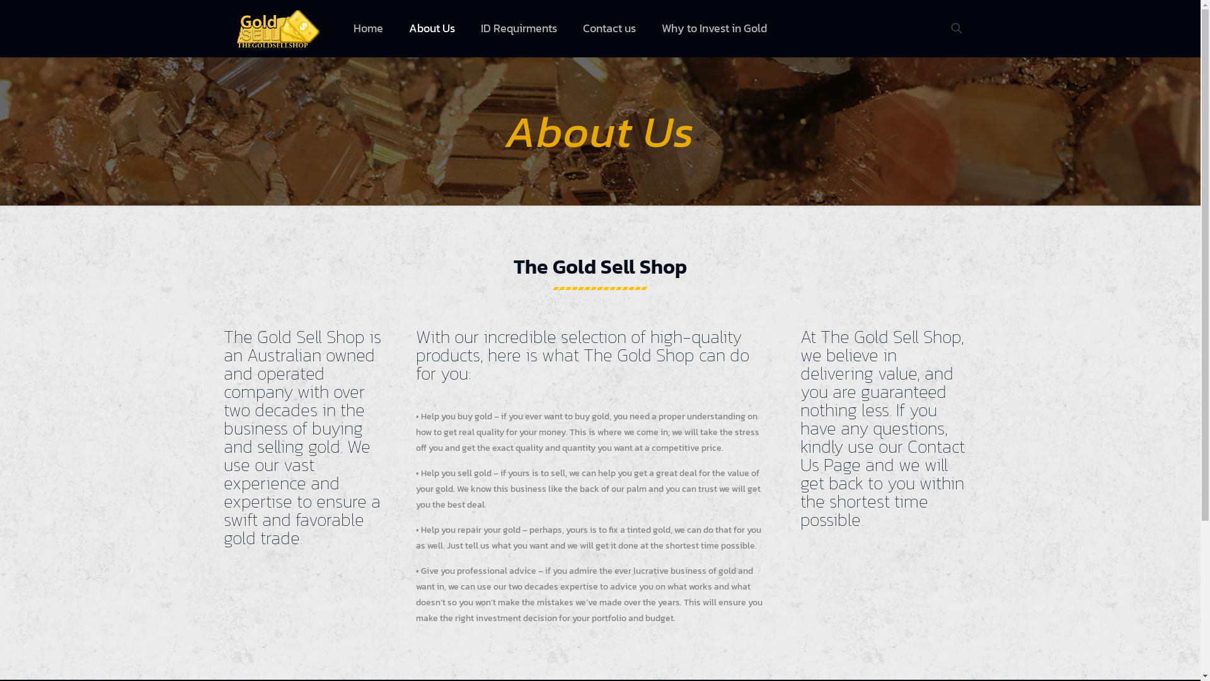 Image resolution: width=1210 pixels, height=681 pixels. Describe the element at coordinates (519, 28) in the screenshot. I see `'ID Requirments'` at that location.